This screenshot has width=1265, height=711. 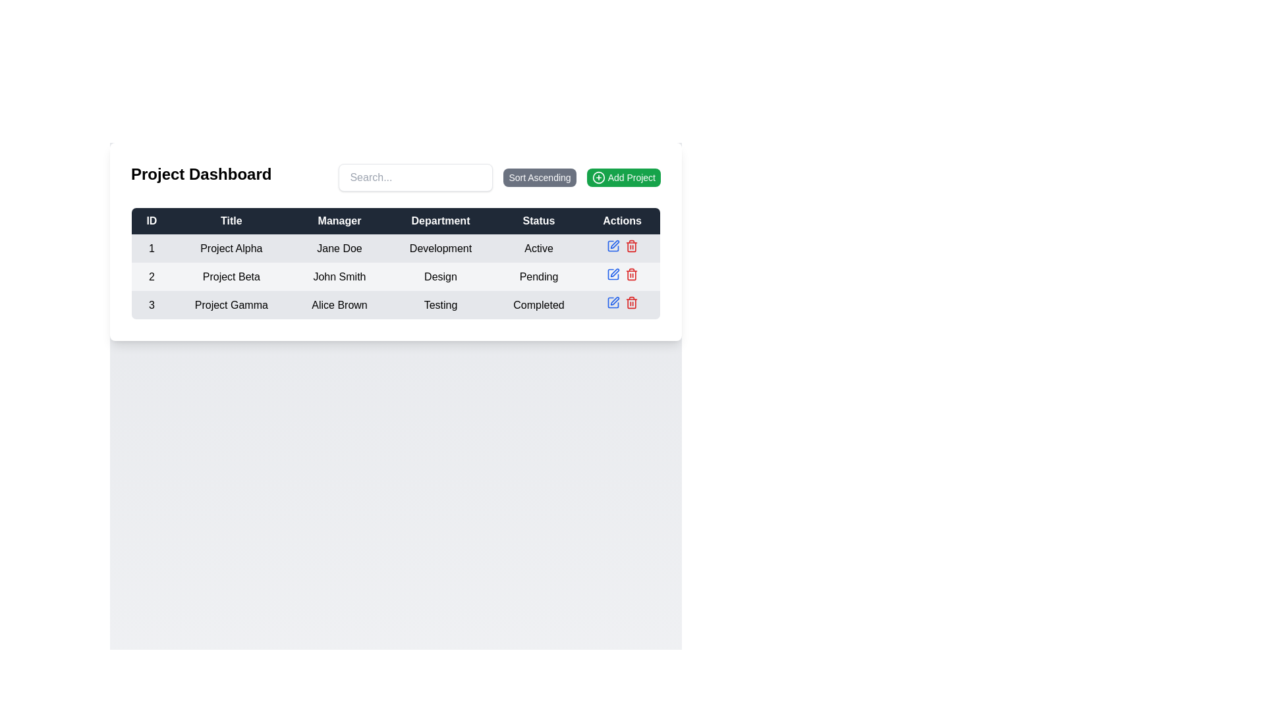 What do you see at coordinates (538, 276) in the screenshot?
I see `status information from the Text label indicating 'Pending' for 'Project Beta' managed by 'John Smith' in the 'Status' column of the table` at bounding box center [538, 276].